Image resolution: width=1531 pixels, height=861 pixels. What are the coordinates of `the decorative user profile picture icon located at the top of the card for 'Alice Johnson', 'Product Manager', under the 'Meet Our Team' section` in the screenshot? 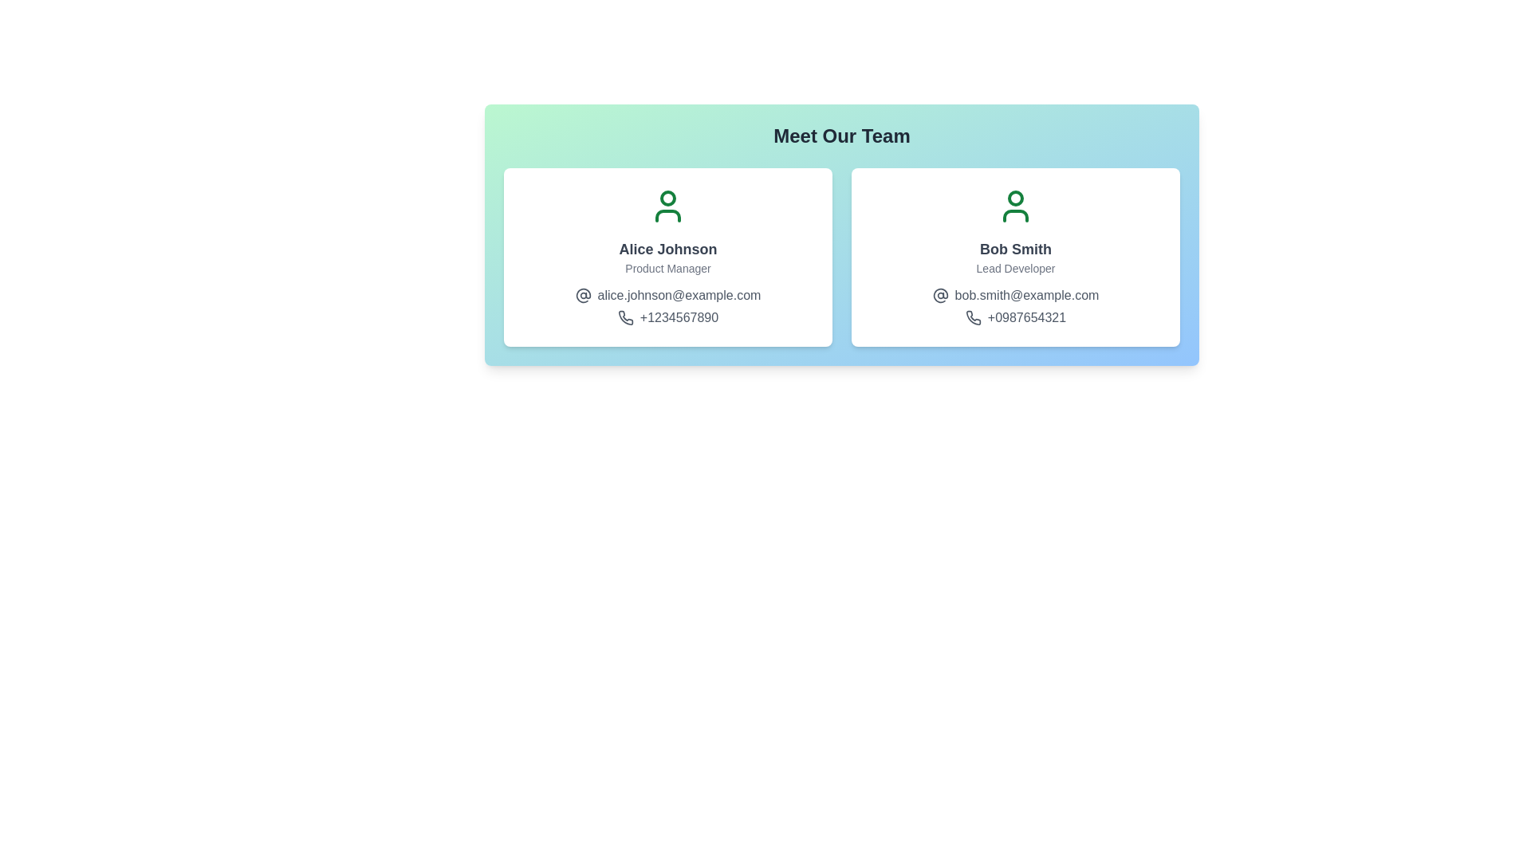 It's located at (668, 205).